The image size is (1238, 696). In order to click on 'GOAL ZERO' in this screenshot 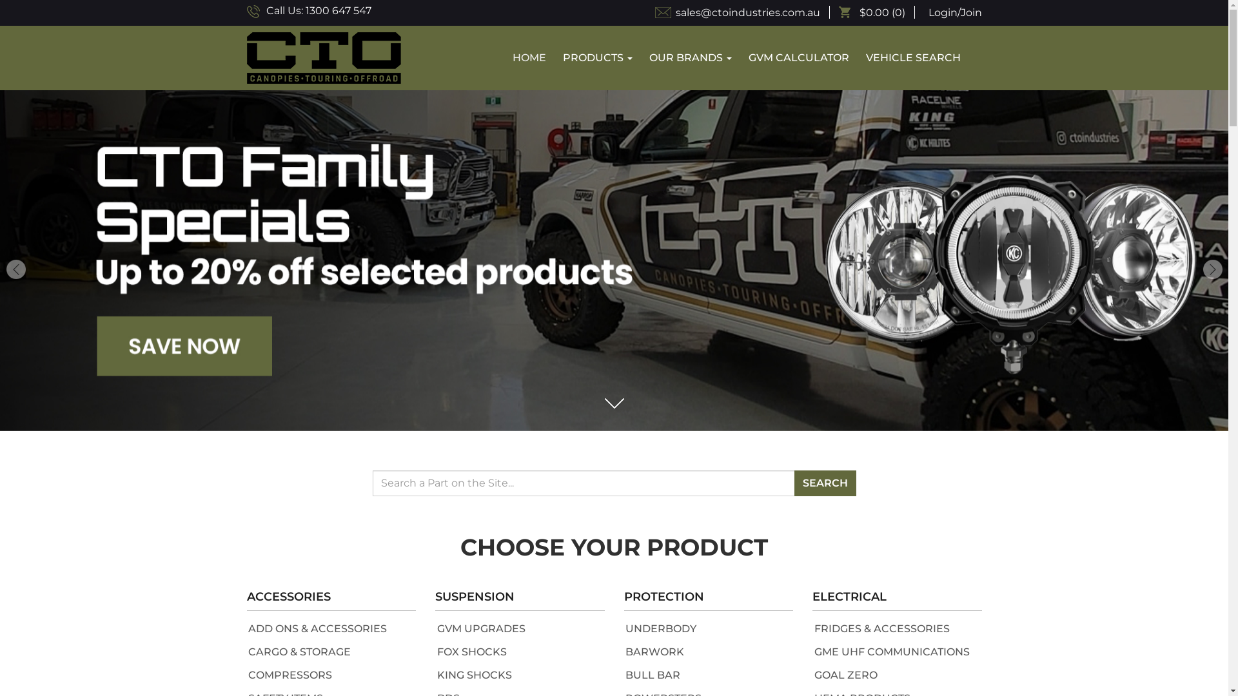, I will do `click(845, 674)`.